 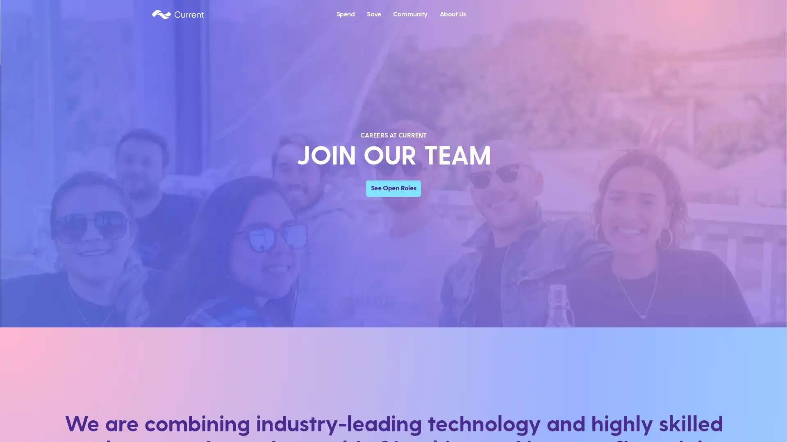 I want to click on Current logo, so click(x=177, y=14).